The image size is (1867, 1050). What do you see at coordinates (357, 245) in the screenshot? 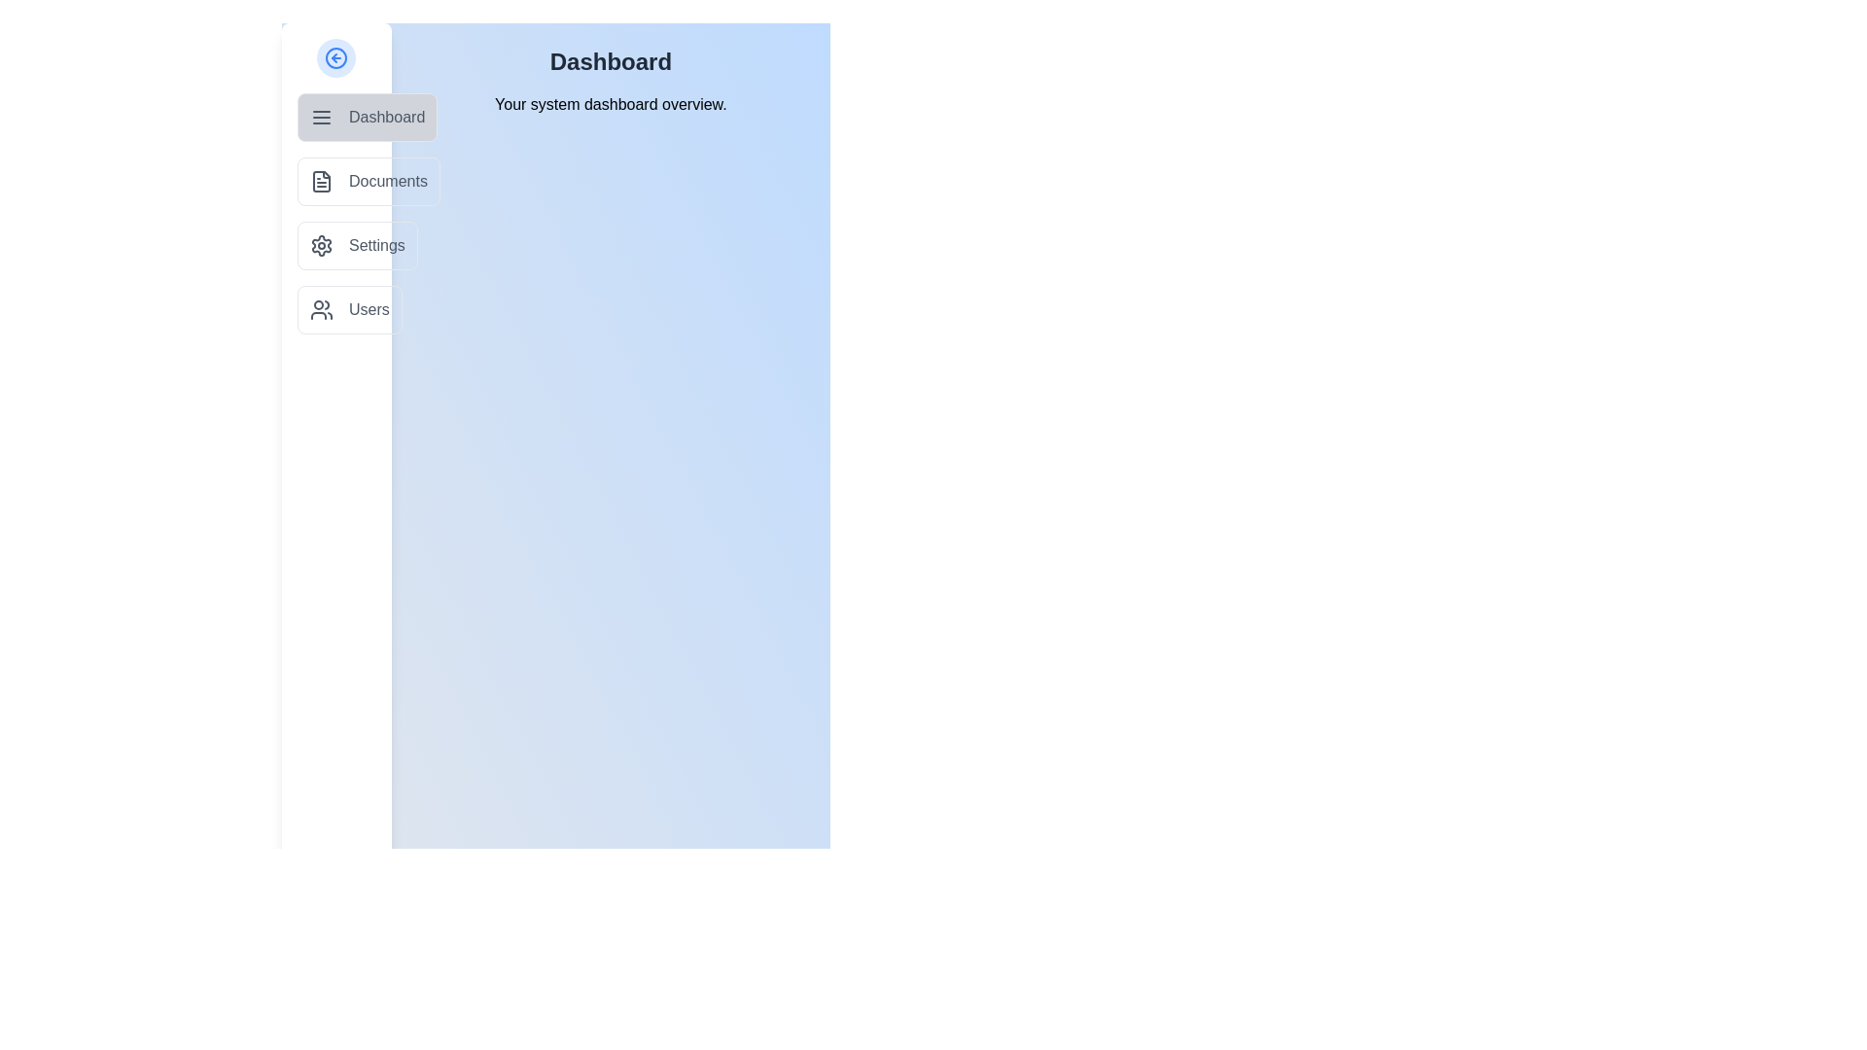
I see `the menu item Settings from the list` at bounding box center [357, 245].